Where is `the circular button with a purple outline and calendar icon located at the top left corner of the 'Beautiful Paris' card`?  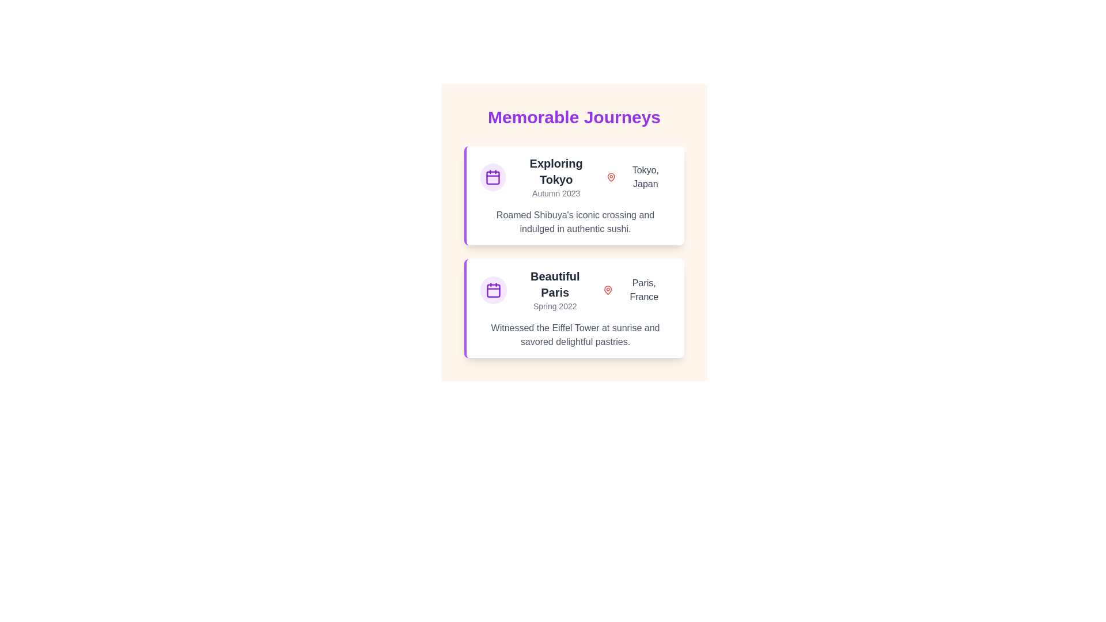 the circular button with a purple outline and calendar icon located at the top left corner of the 'Beautiful Paris' card is located at coordinates (494, 290).